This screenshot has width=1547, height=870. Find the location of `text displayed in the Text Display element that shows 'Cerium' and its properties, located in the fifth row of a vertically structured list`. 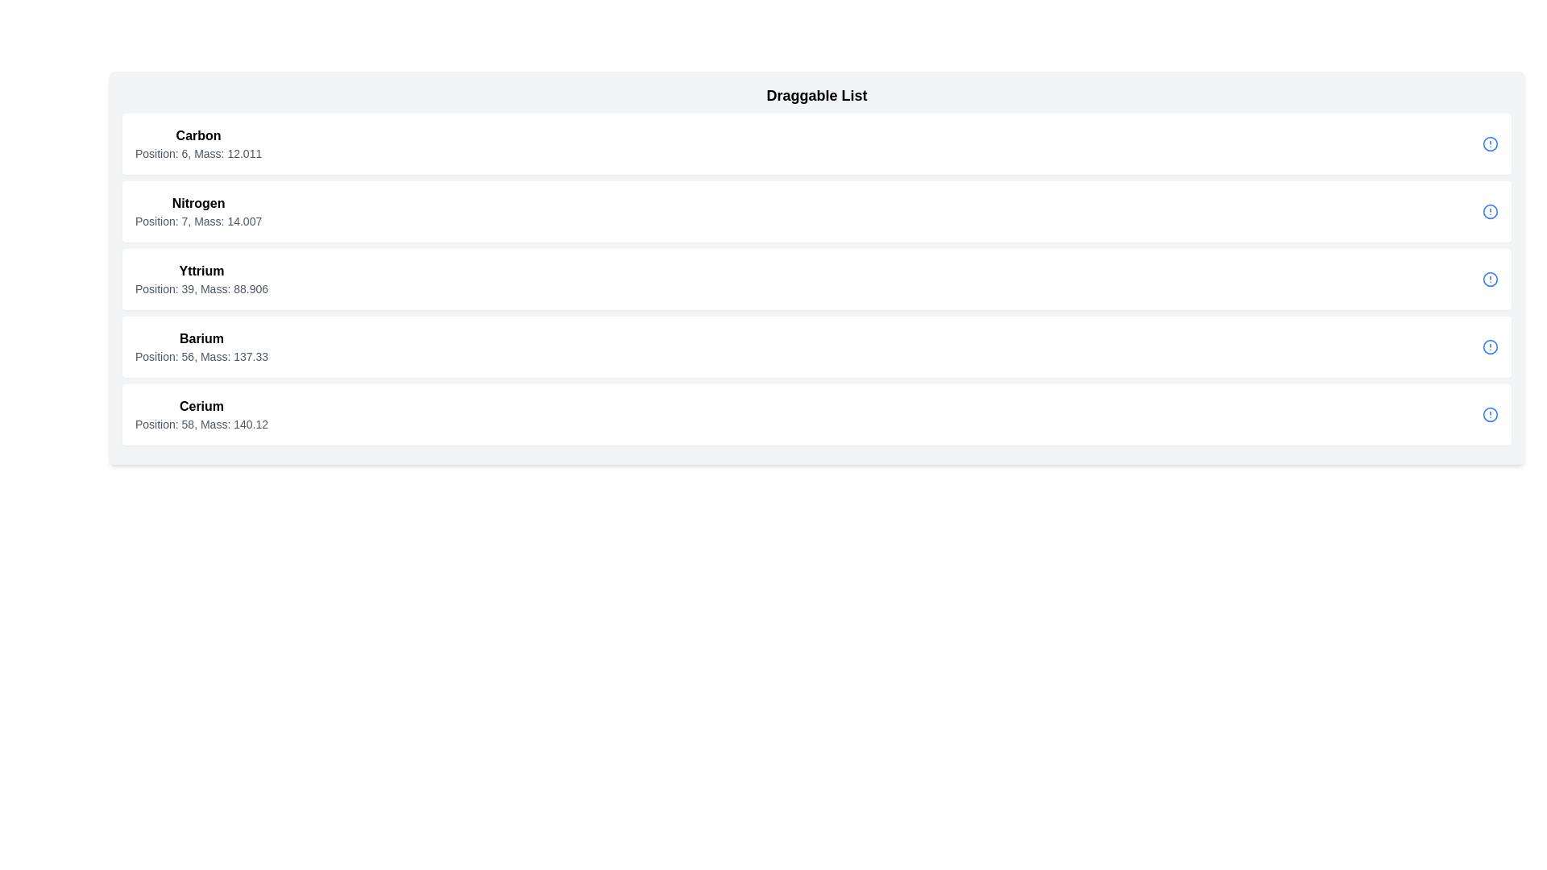

text displayed in the Text Display element that shows 'Cerium' and its properties, located in the fifth row of a vertically structured list is located at coordinates (201, 414).